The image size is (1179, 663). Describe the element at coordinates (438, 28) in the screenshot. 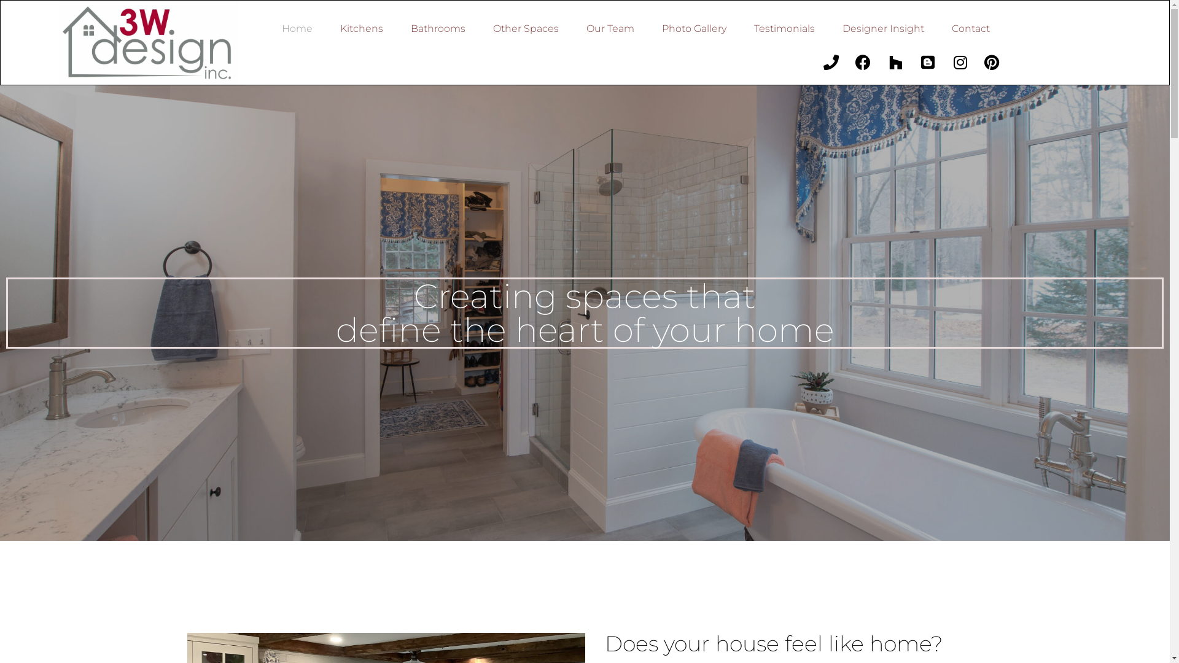

I see `'Bathrooms'` at that location.